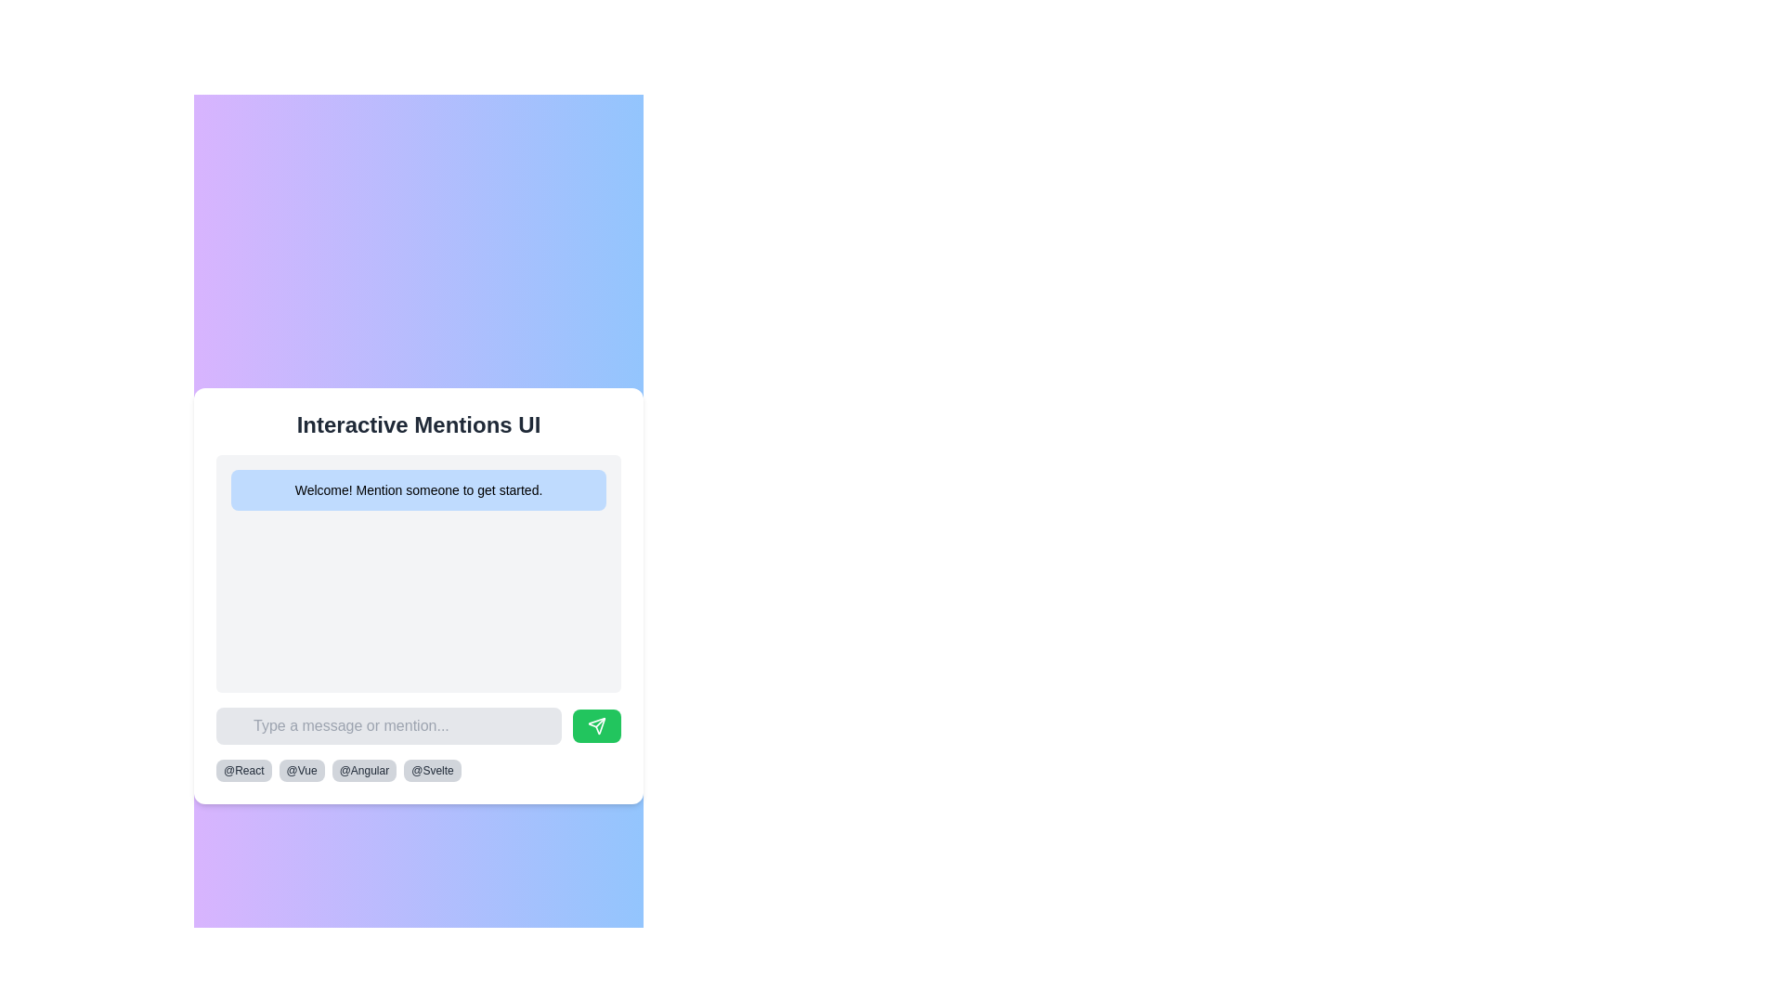 The height and width of the screenshot is (1003, 1783). I want to click on the label displaying the text '@Svelte', so click(431, 770).